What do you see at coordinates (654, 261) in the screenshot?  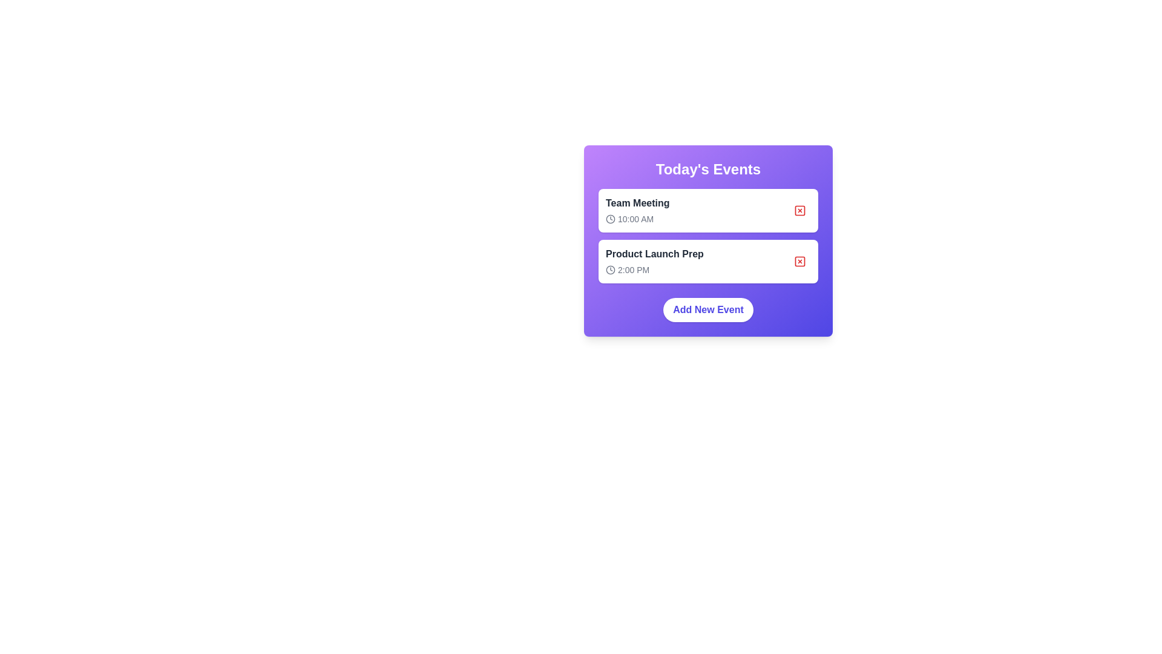 I see `the list item titled 'Product Launch Prep'` at bounding box center [654, 261].